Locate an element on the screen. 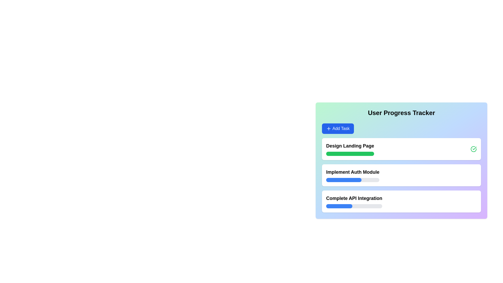 This screenshot has width=503, height=283. the progress bar completion is located at coordinates (338, 206).